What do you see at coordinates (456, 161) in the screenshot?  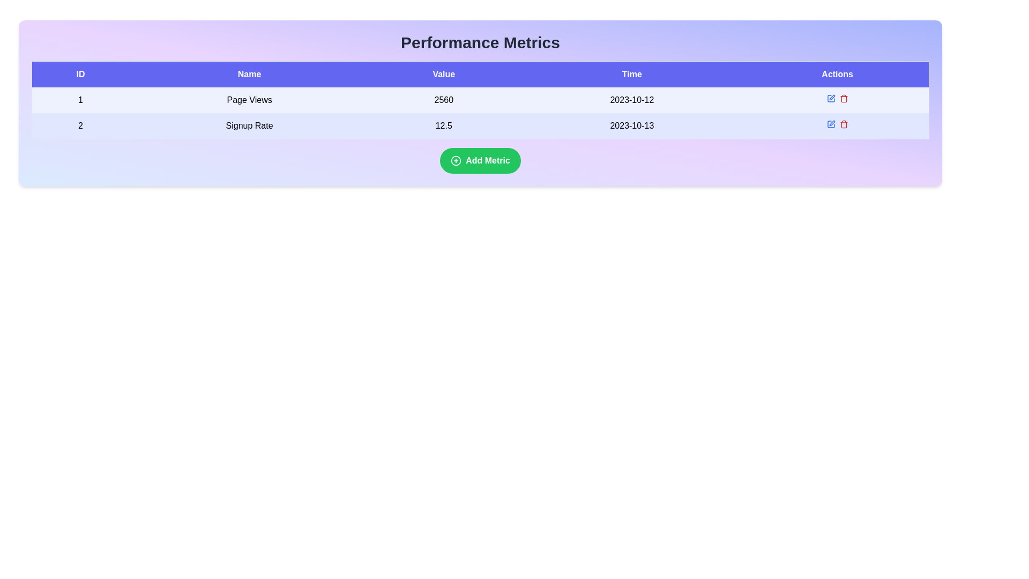 I see `the SVG icon located inside the 'Add Metric' button at the bottom center of the table interface` at bounding box center [456, 161].